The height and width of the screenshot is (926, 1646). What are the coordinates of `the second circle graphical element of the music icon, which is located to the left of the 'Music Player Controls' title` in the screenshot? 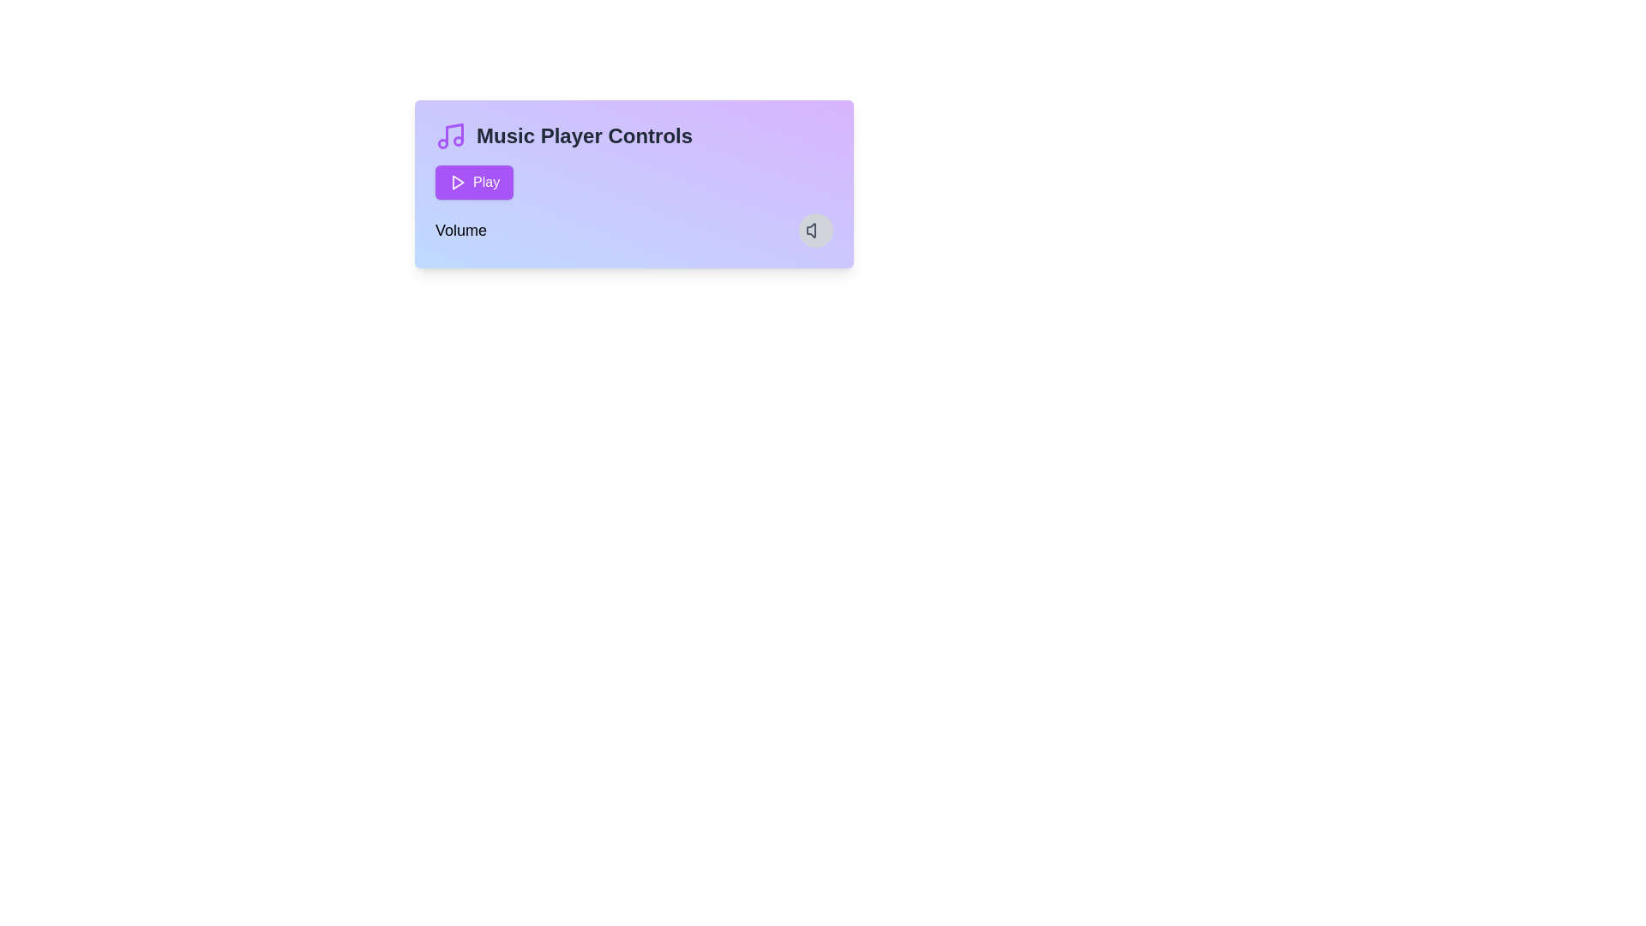 It's located at (458, 141).